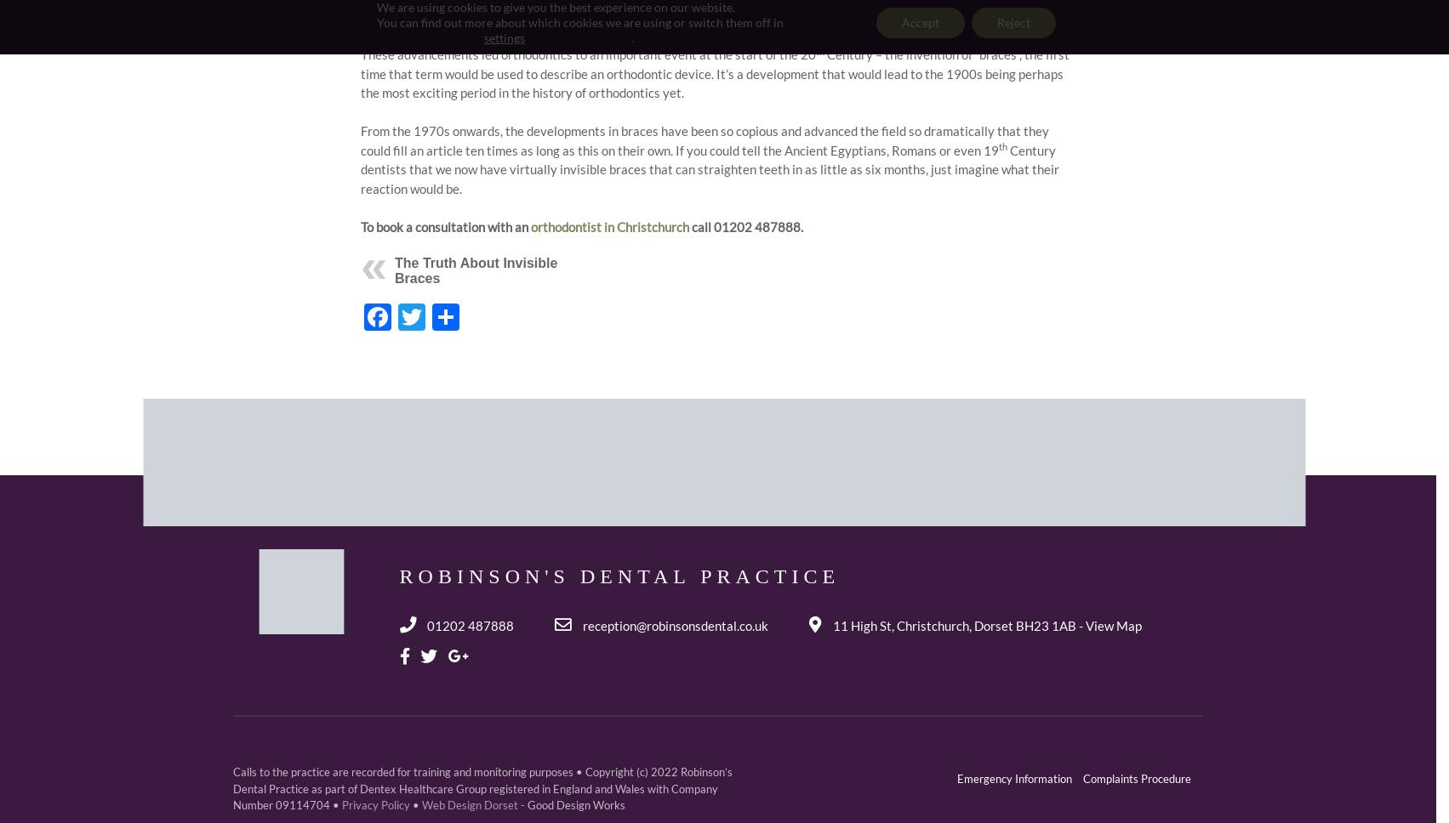 This screenshot has width=1449, height=823. What do you see at coordinates (957, 777) in the screenshot?
I see `'Emergency Information'` at bounding box center [957, 777].